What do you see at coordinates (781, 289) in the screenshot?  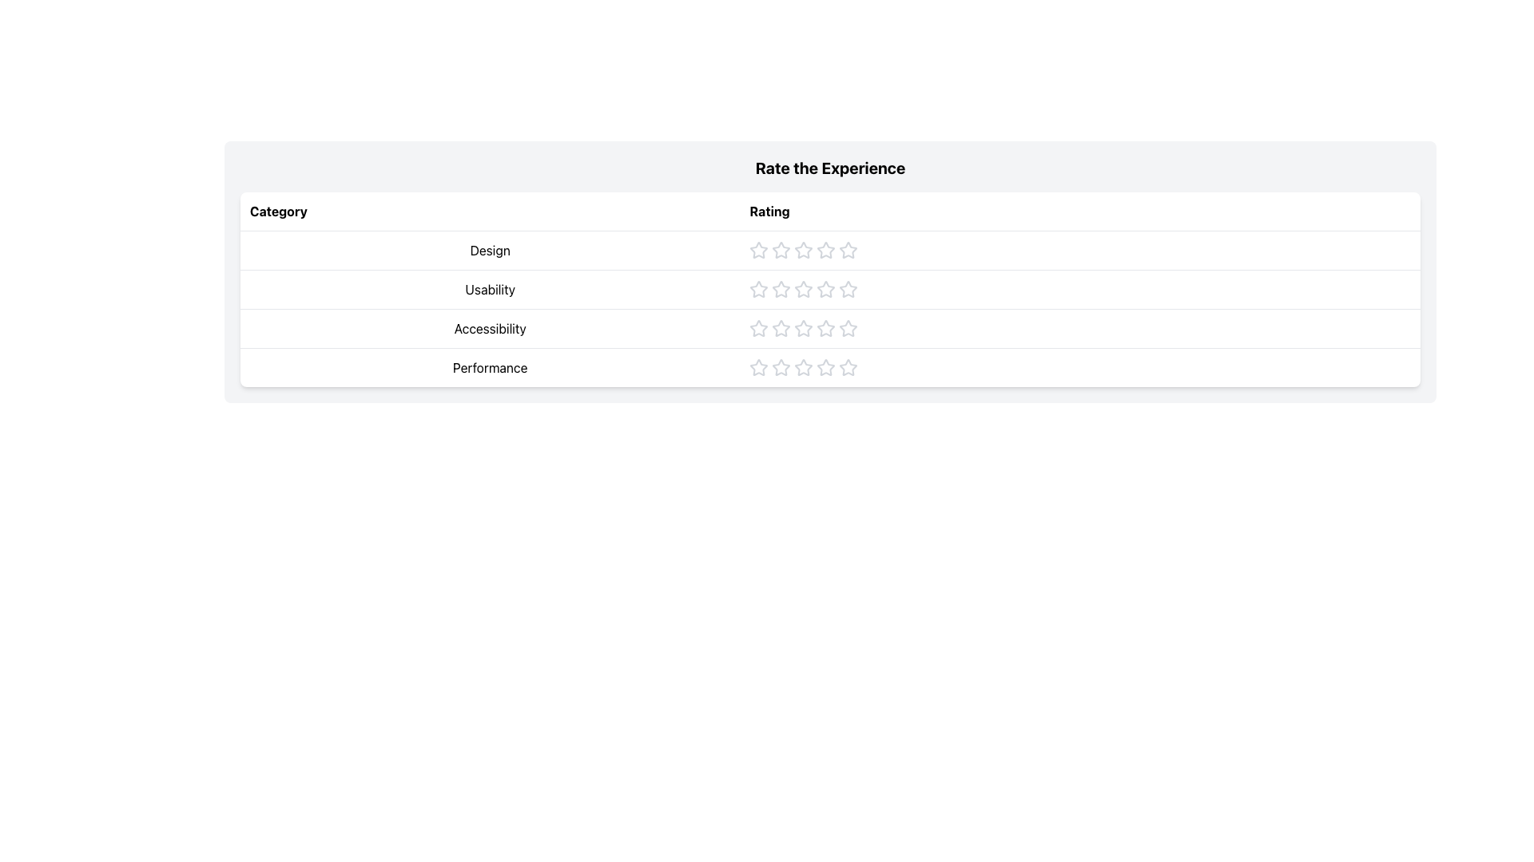 I see `the second star button in the 'Rate the Experience' table under the 'Usability' category` at bounding box center [781, 289].